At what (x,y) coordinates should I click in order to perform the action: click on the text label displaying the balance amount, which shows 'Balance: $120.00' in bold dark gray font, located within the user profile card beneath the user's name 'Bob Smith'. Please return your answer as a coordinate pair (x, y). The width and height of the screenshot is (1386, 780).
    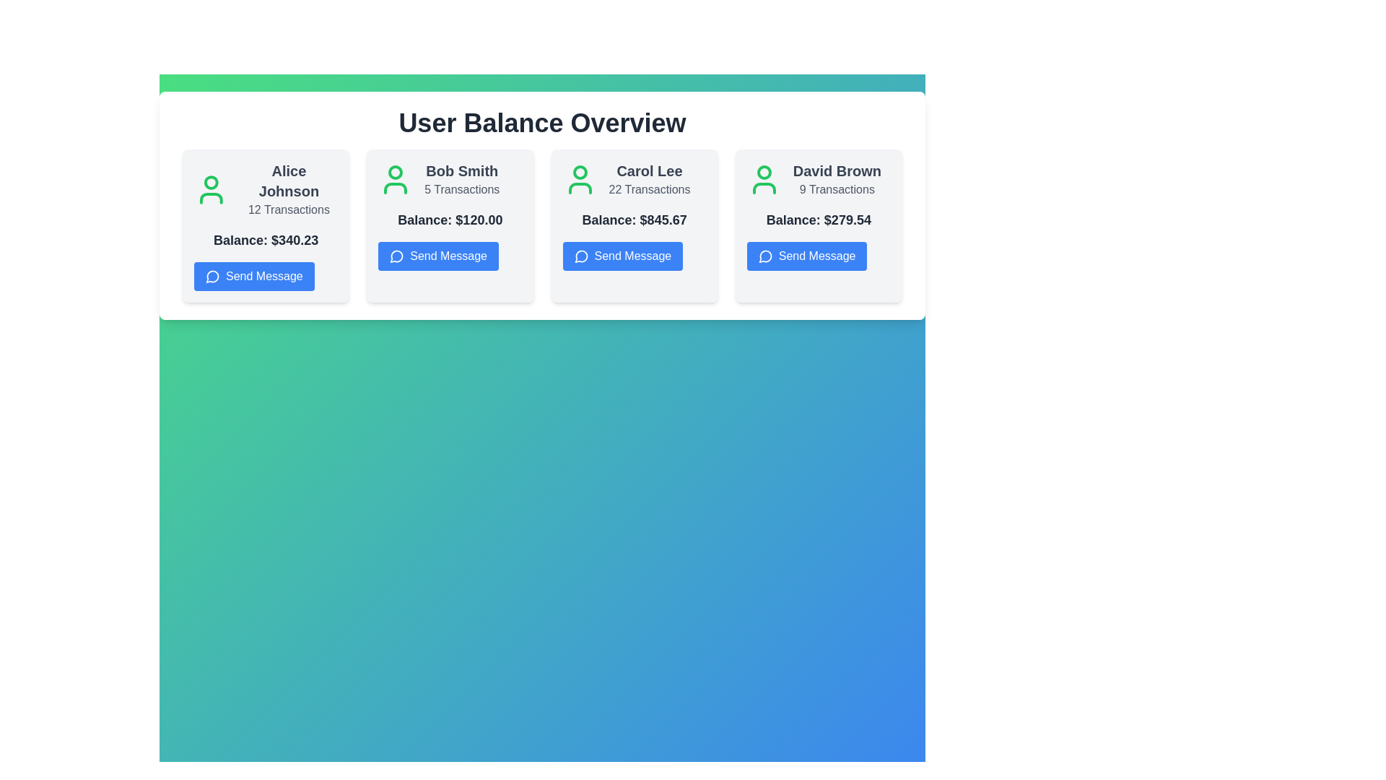
    Looking at the image, I should click on (449, 220).